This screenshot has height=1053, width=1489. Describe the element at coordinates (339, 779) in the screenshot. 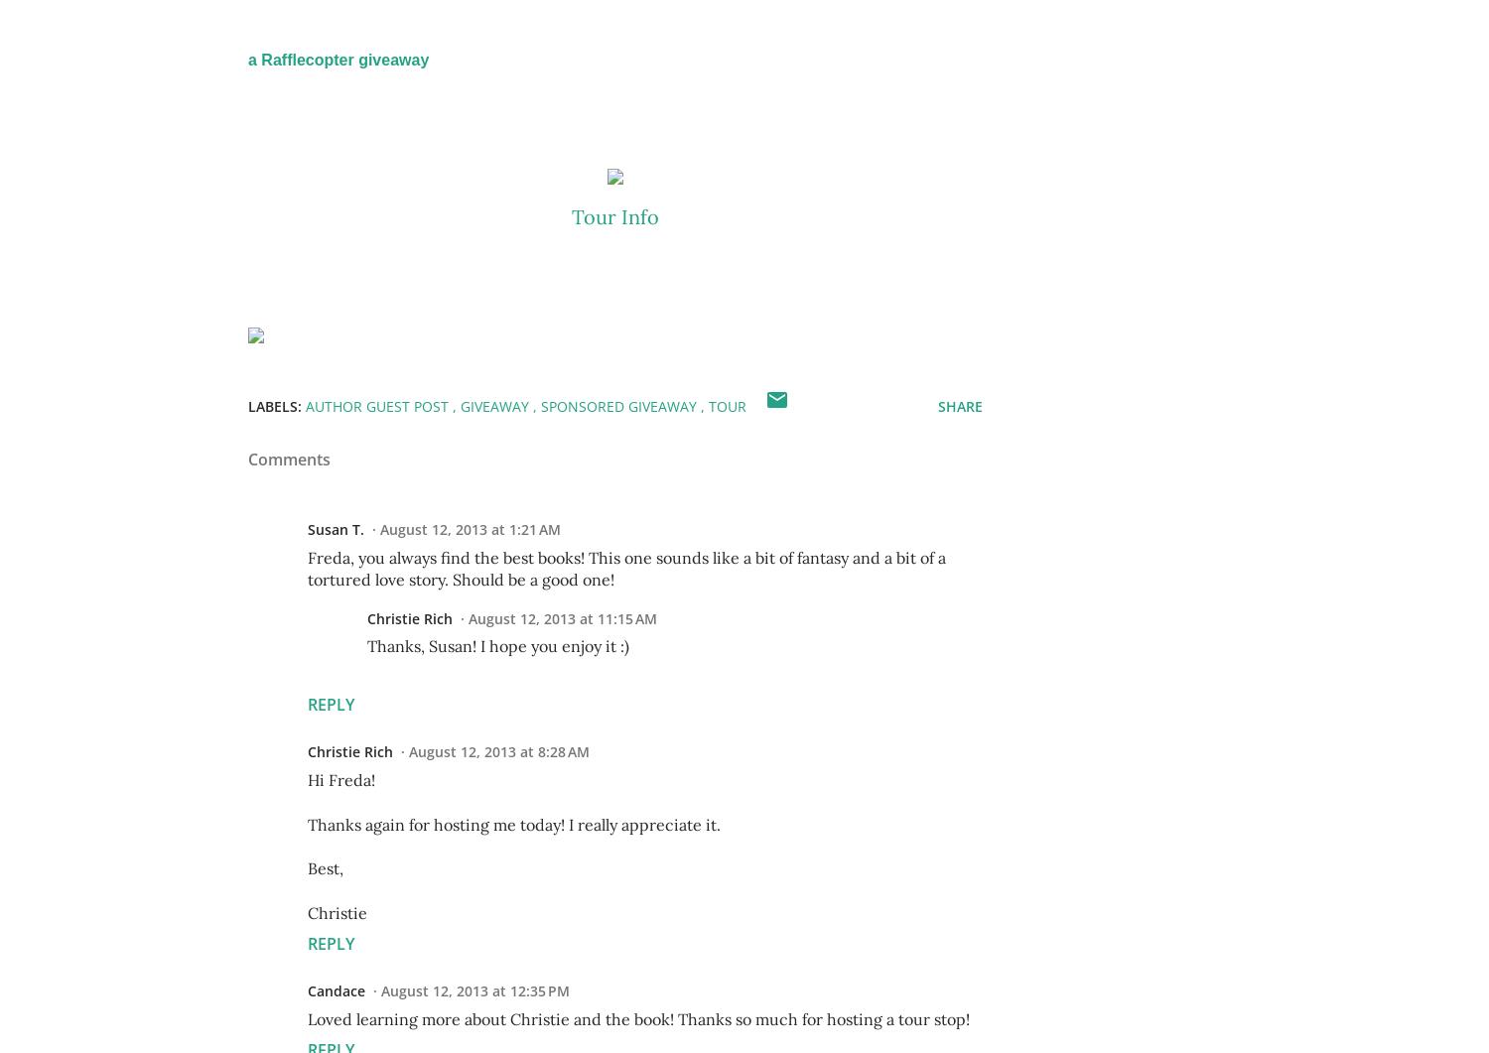

I see `'Hi Freda!'` at that location.